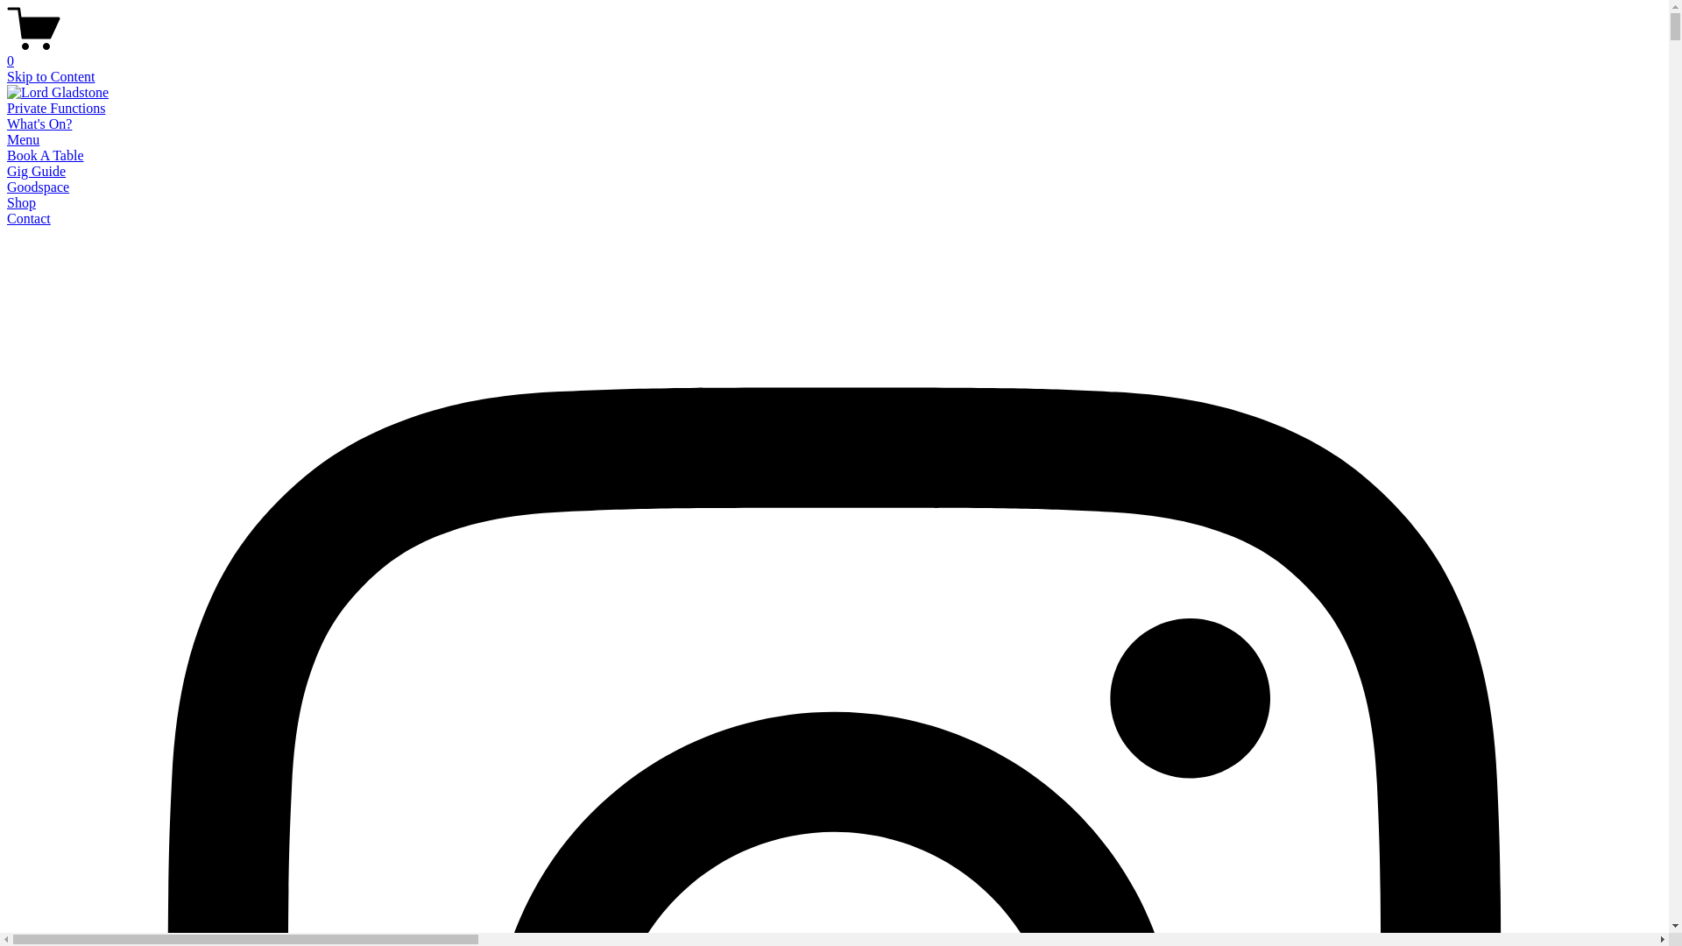  What do you see at coordinates (36, 171) in the screenshot?
I see `'Gig Guide'` at bounding box center [36, 171].